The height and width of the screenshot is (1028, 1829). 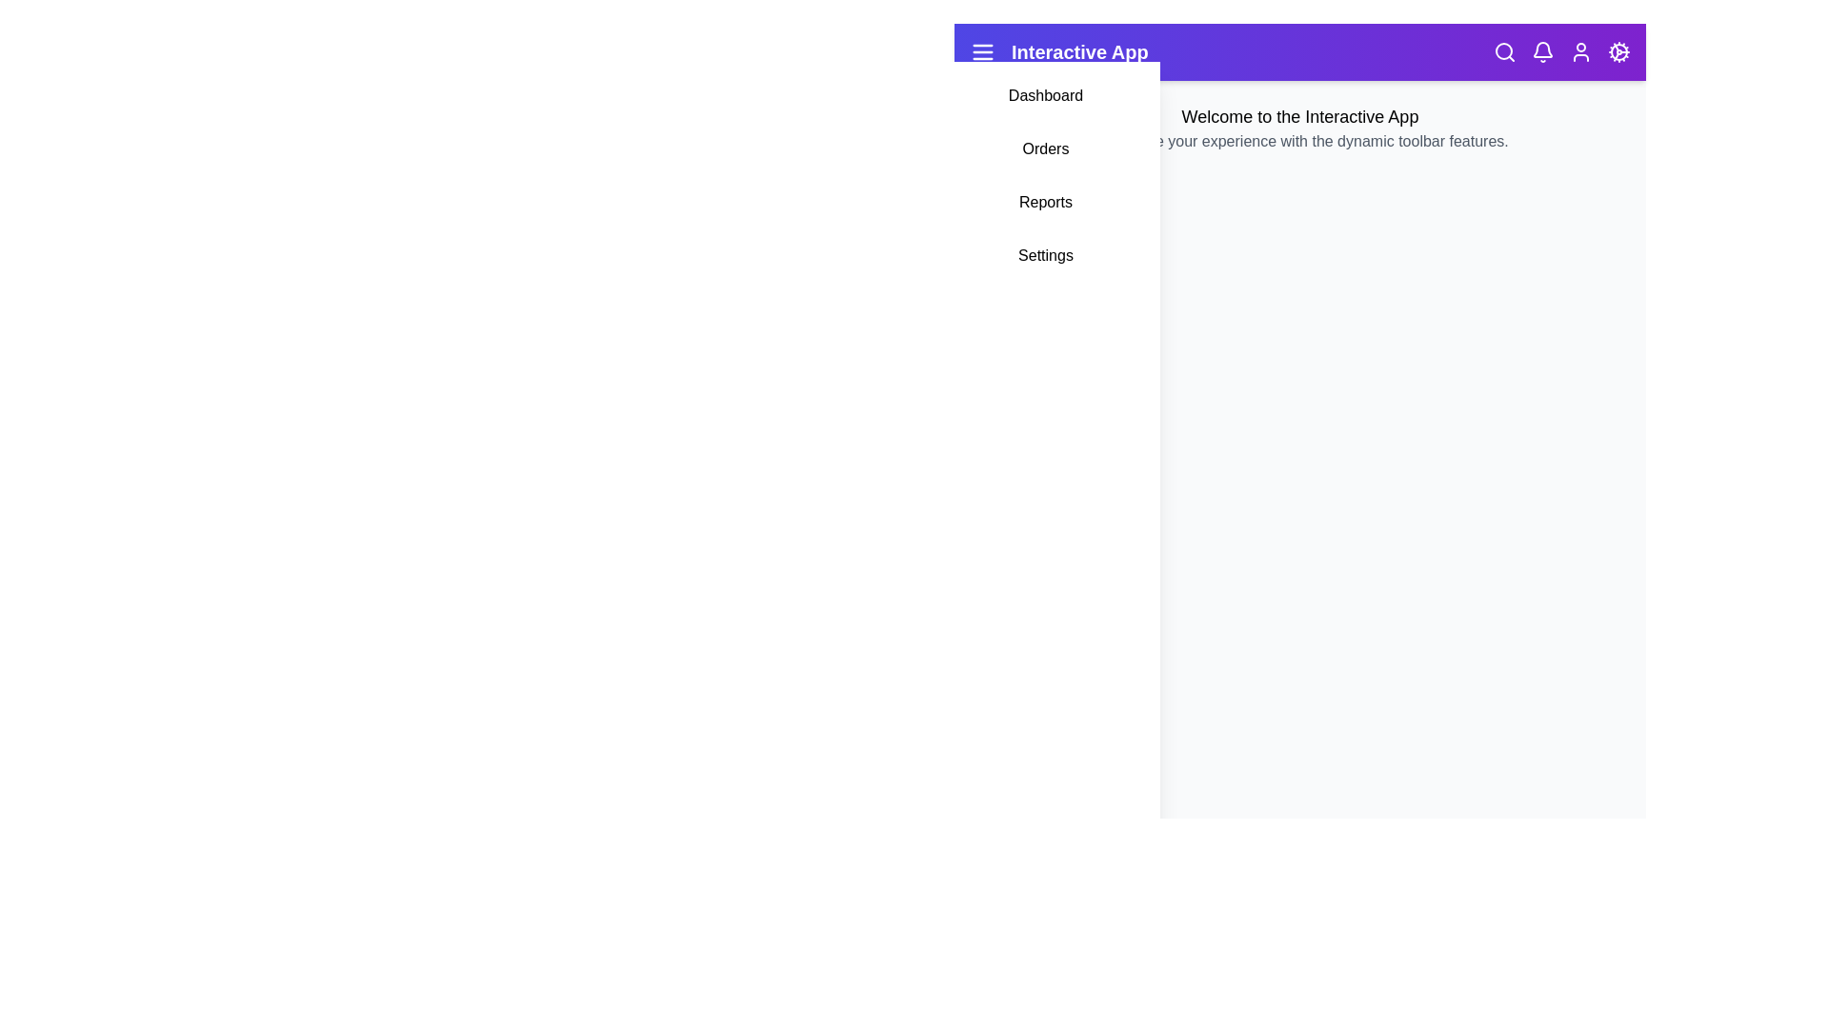 What do you see at coordinates (1543, 50) in the screenshot?
I see `the notification bell icon to trigger its associated action` at bounding box center [1543, 50].